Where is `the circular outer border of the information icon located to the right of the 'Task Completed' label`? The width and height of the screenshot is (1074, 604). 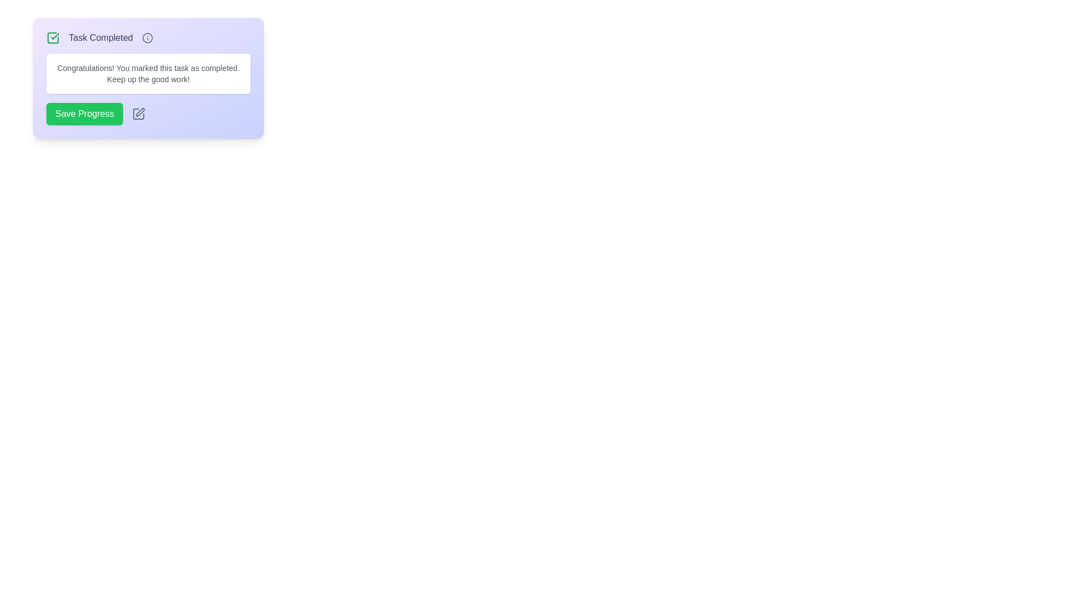 the circular outer border of the information icon located to the right of the 'Task Completed' label is located at coordinates (147, 37).